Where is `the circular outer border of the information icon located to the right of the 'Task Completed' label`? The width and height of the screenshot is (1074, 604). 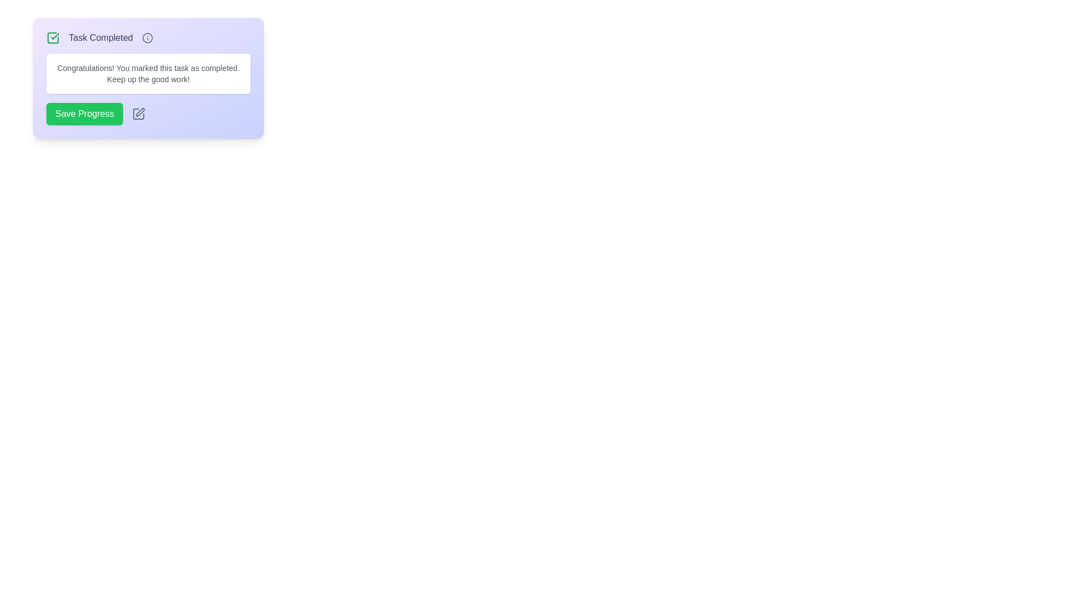 the circular outer border of the information icon located to the right of the 'Task Completed' label is located at coordinates (147, 37).